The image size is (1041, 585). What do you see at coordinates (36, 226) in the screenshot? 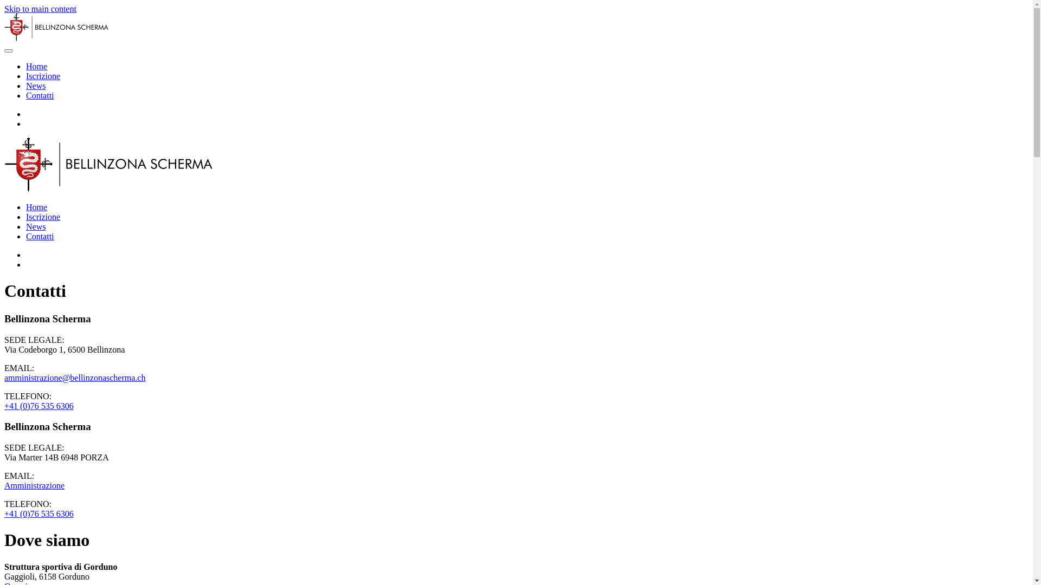
I see `'News'` at bounding box center [36, 226].